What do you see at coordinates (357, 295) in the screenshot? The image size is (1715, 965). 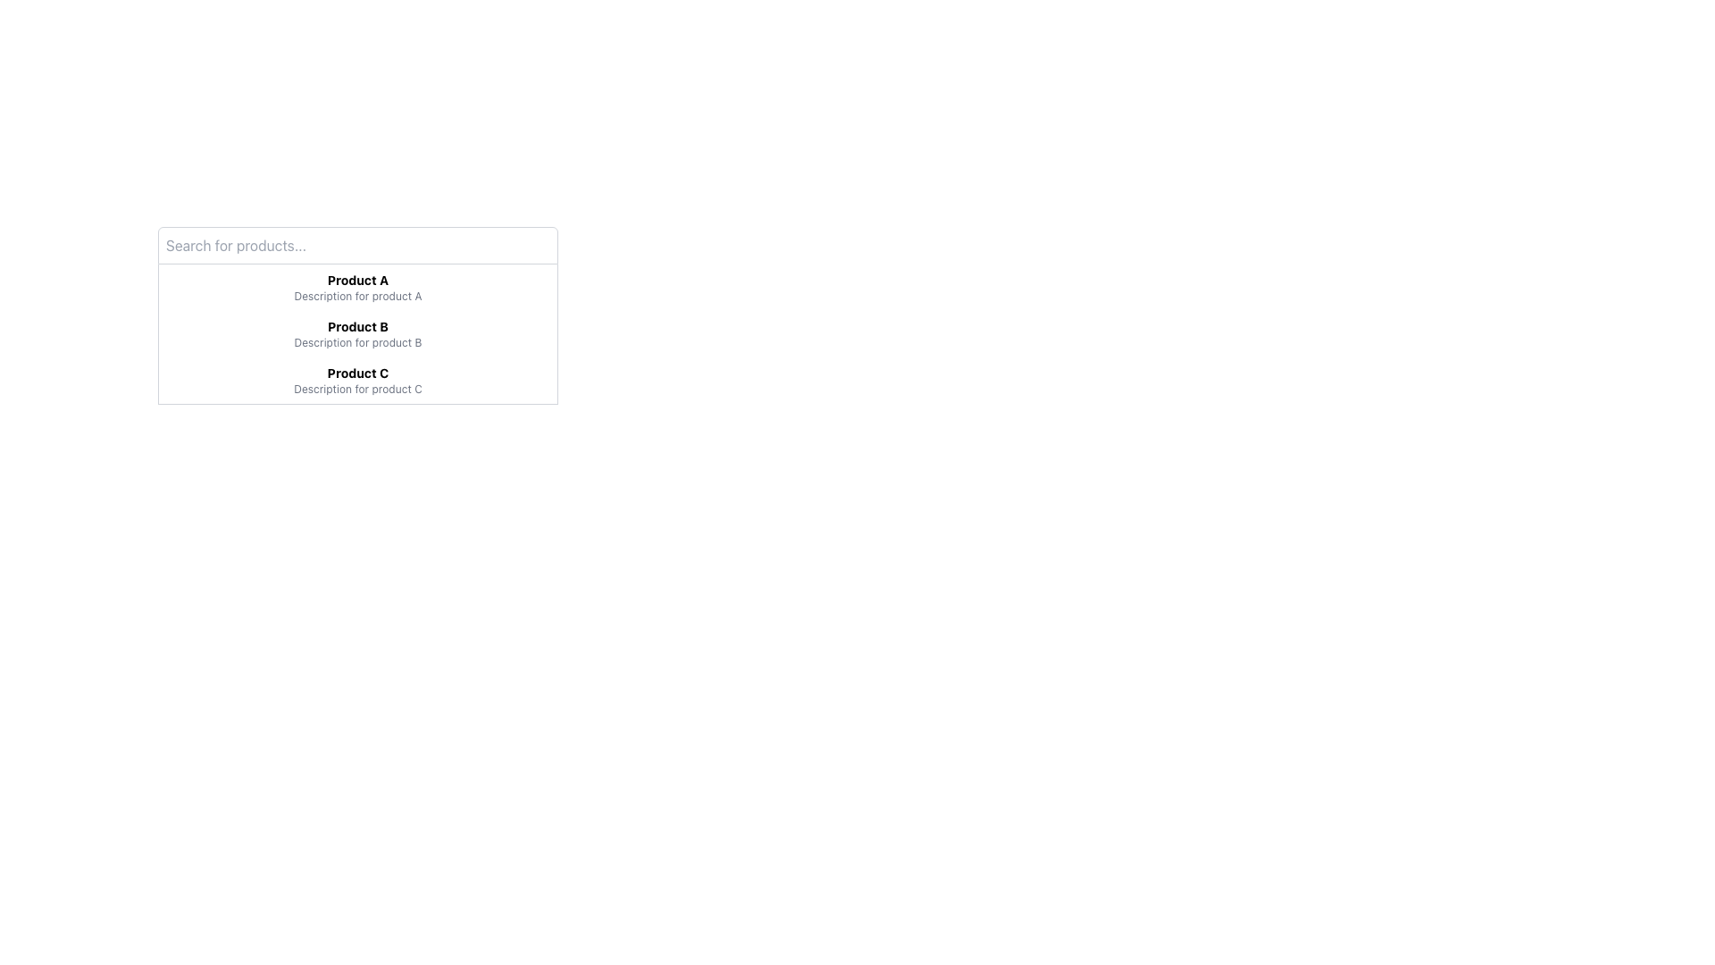 I see `the text label that reads 'Description for product A', which is styled in small gray font and positioned below the bold title 'Product A'` at bounding box center [357, 295].